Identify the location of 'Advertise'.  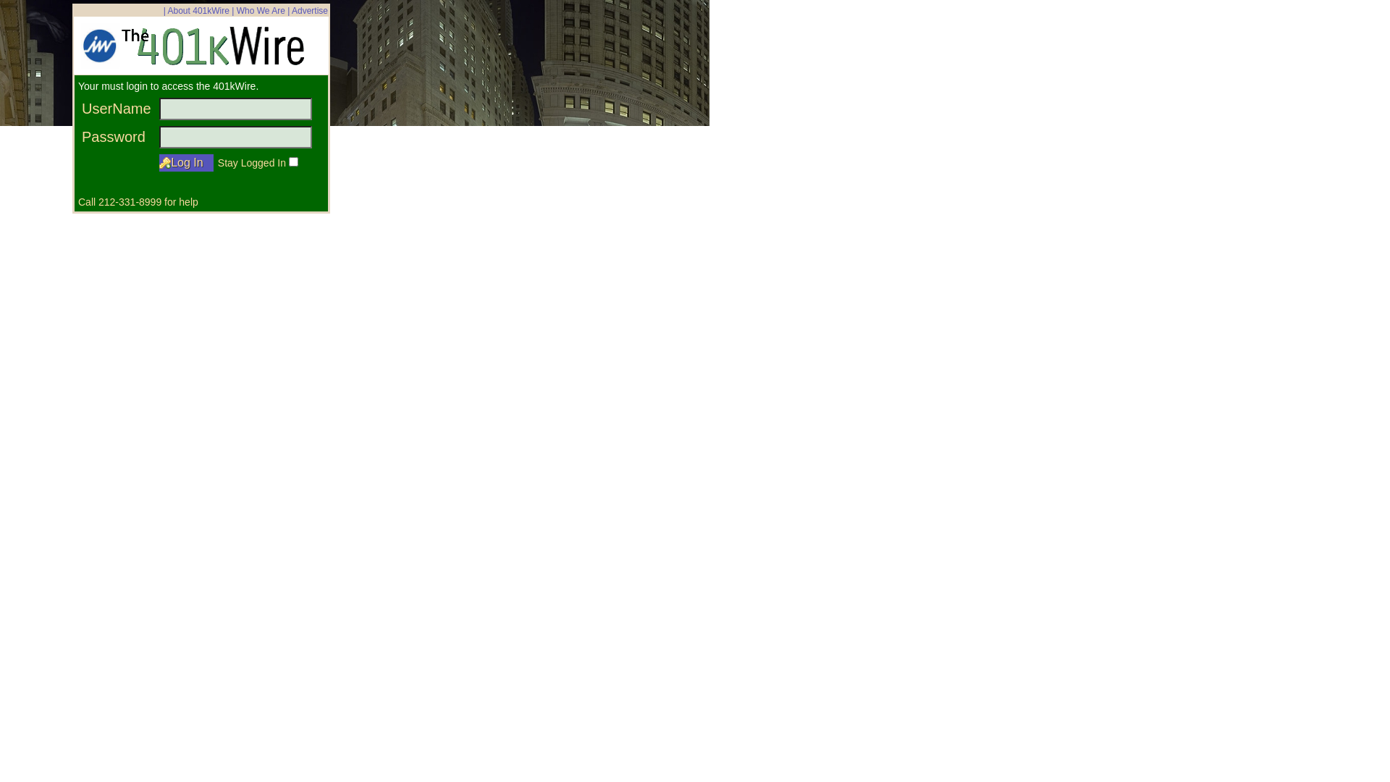
(308, 11).